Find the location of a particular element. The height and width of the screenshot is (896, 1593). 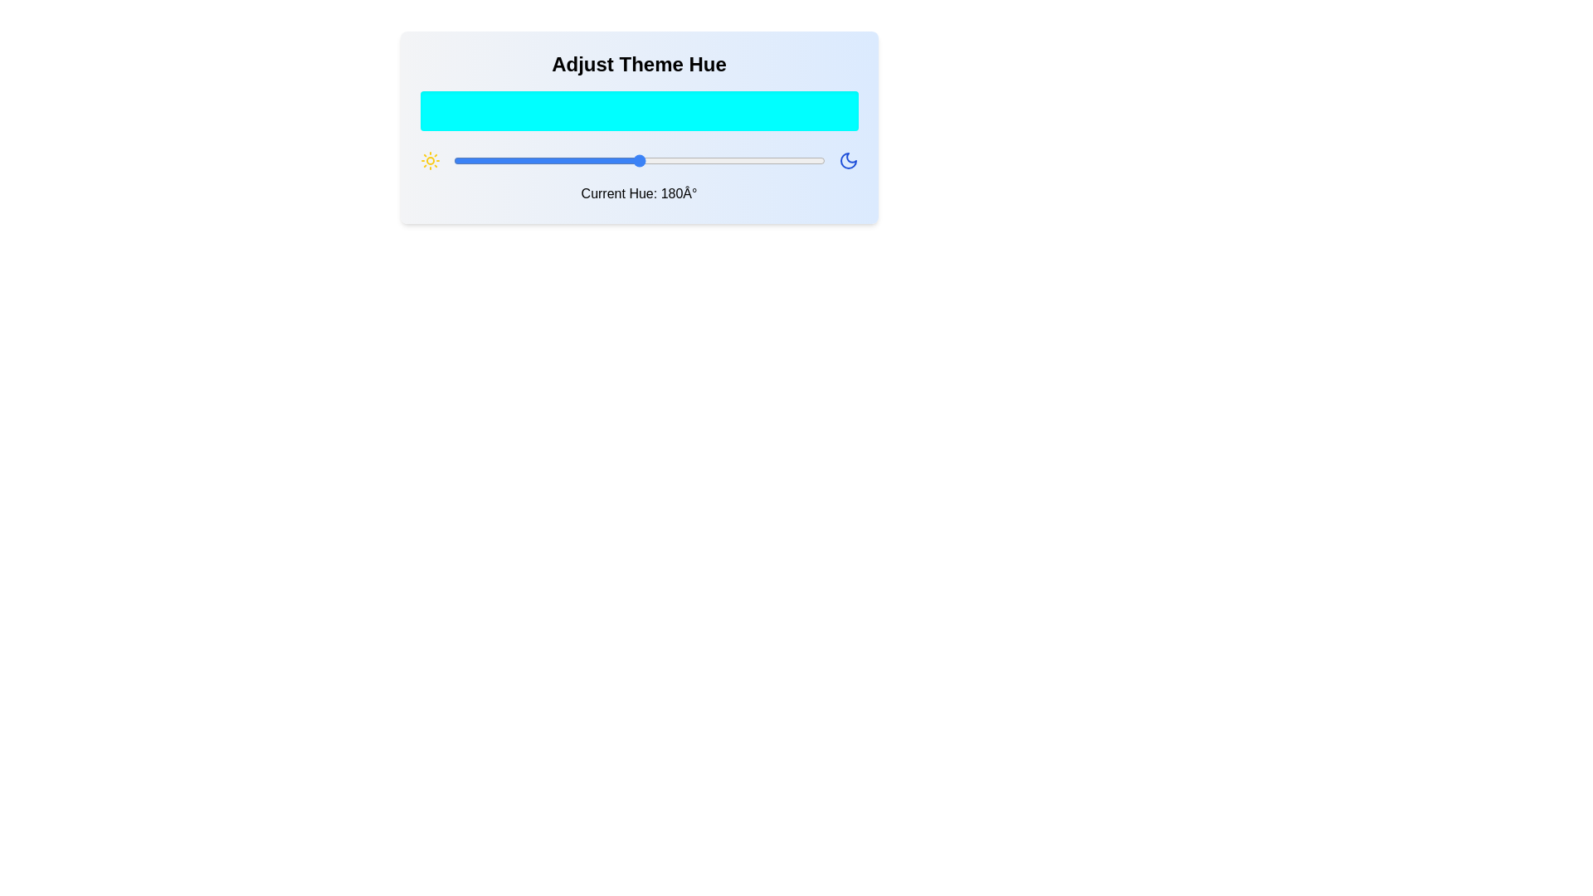

the hue to 291 degrees by dragging the slider is located at coordinates (753, 160).